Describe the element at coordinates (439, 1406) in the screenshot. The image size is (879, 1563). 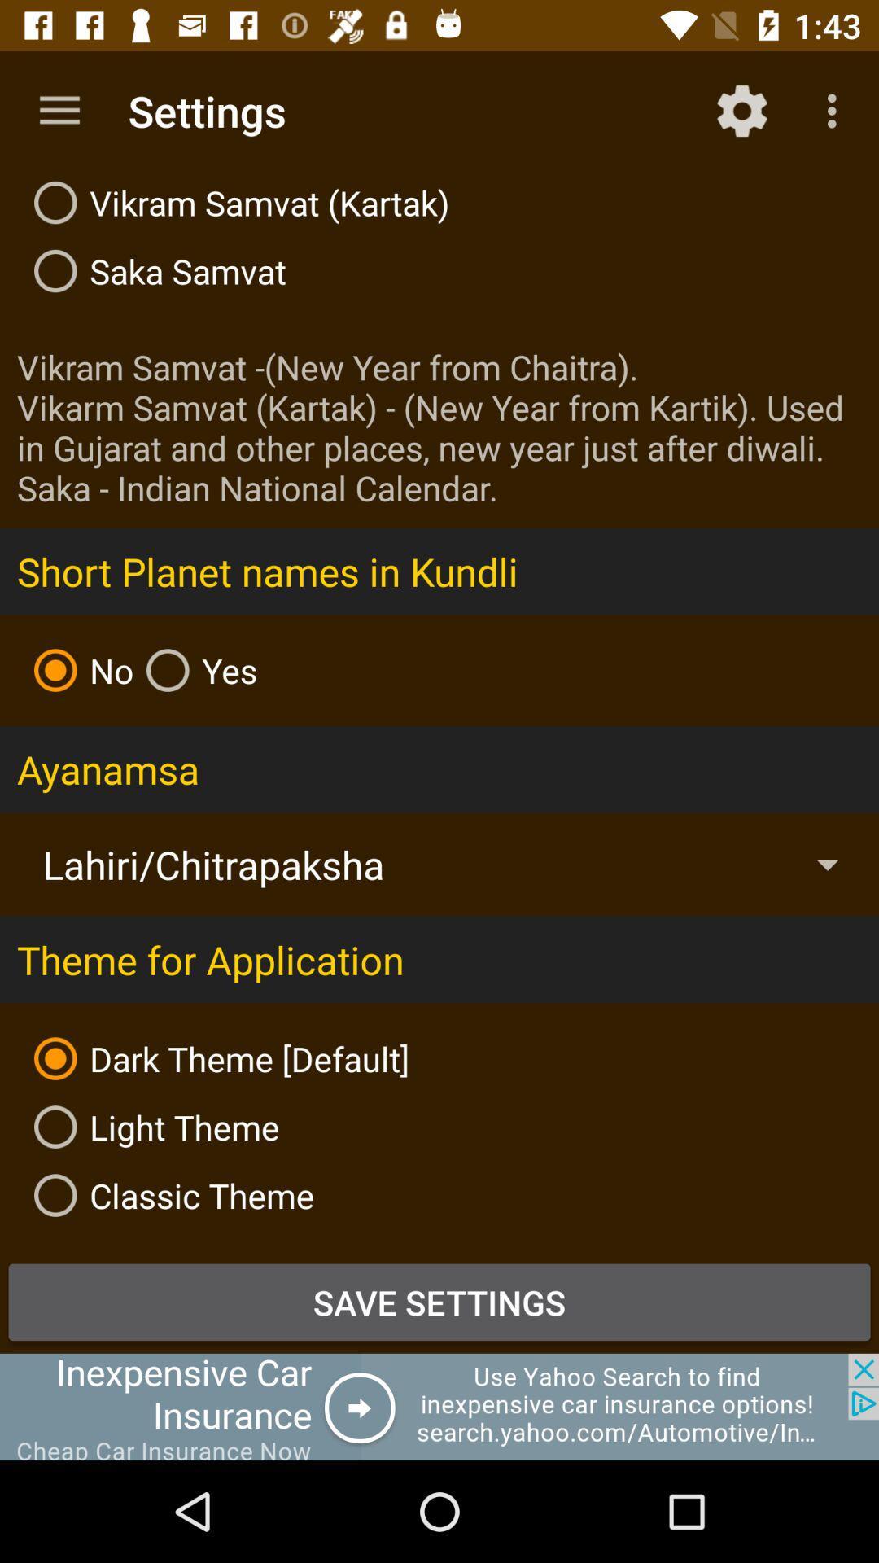
I see `icone` at that location.